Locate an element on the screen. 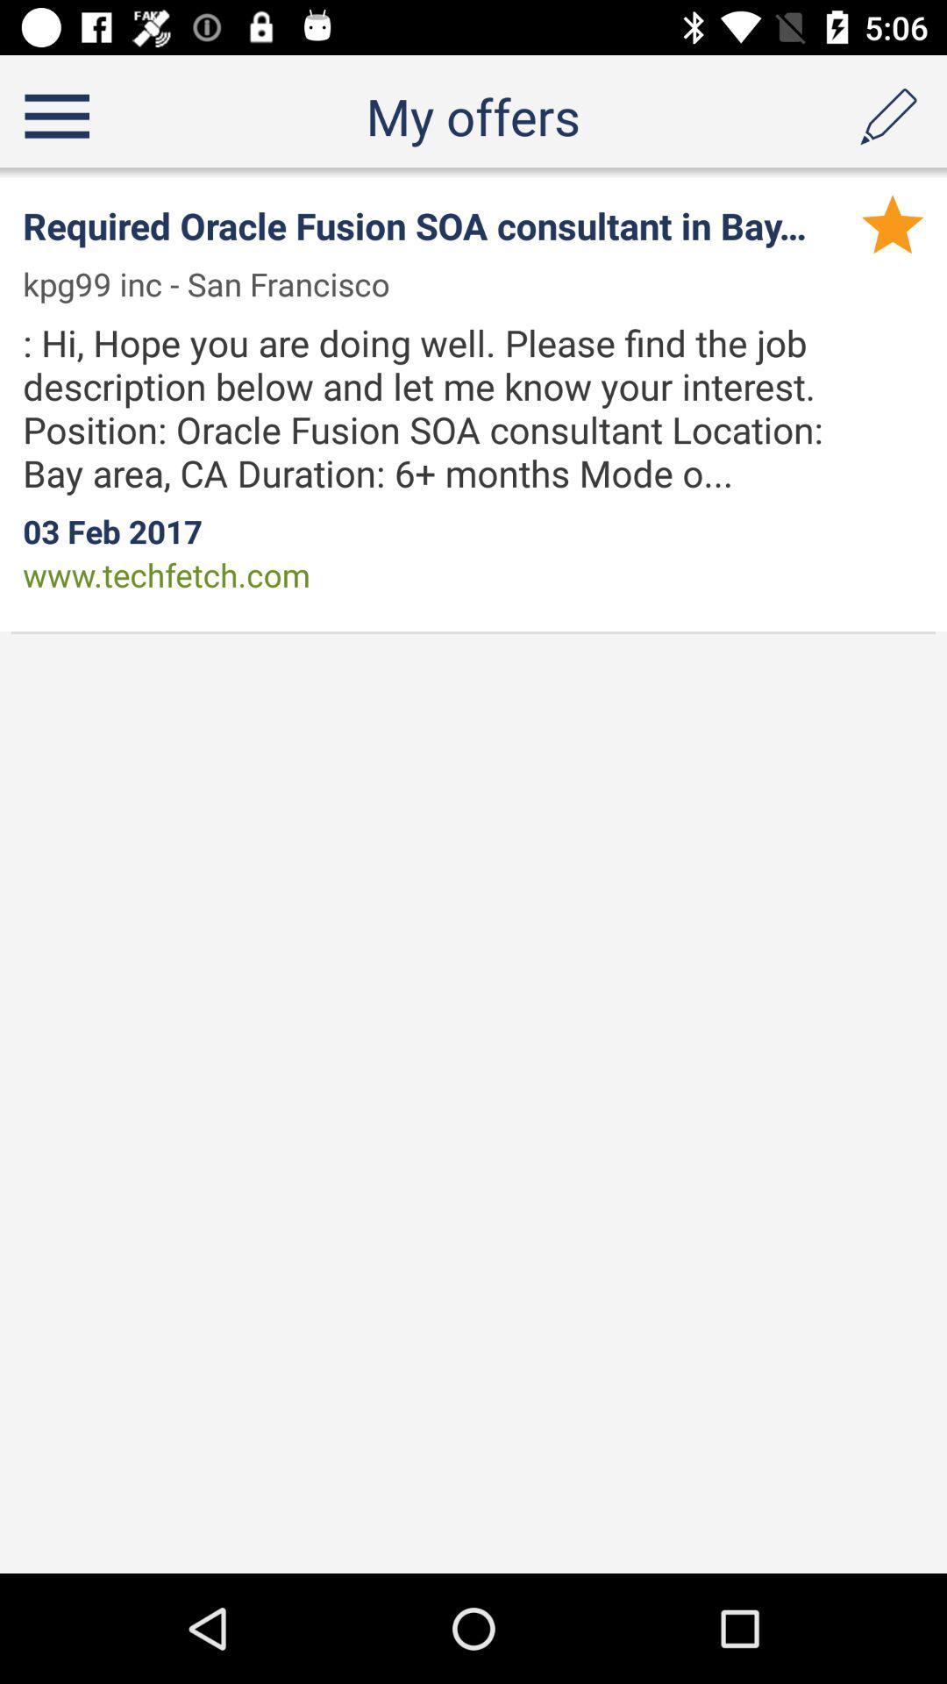 The width and height of the screenshot is (947, 1684). app to the right of kpg99 inc san icon is located at coordinates (893, 223).